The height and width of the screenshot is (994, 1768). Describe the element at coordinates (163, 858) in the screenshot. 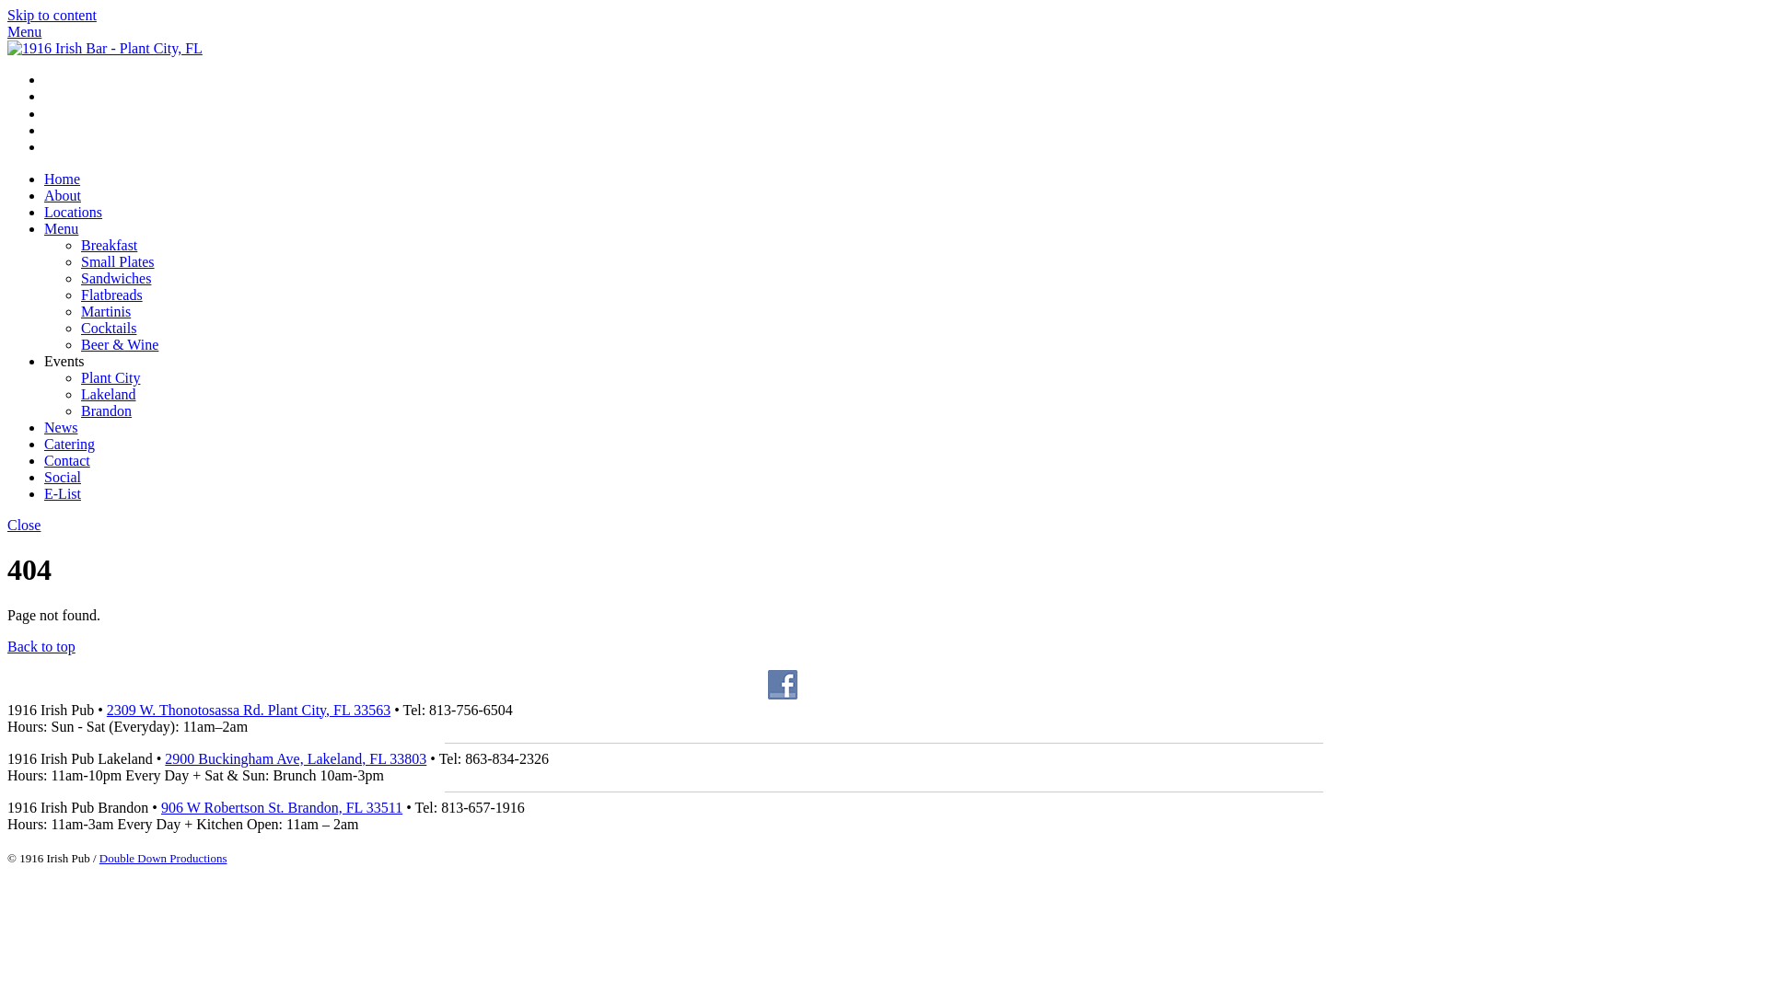

I see `'Double Down Productions'` at that location.